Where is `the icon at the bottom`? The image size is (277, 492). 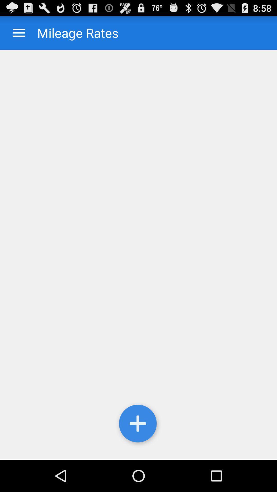 the icon at the bottom is located at coordinates (138, 425).